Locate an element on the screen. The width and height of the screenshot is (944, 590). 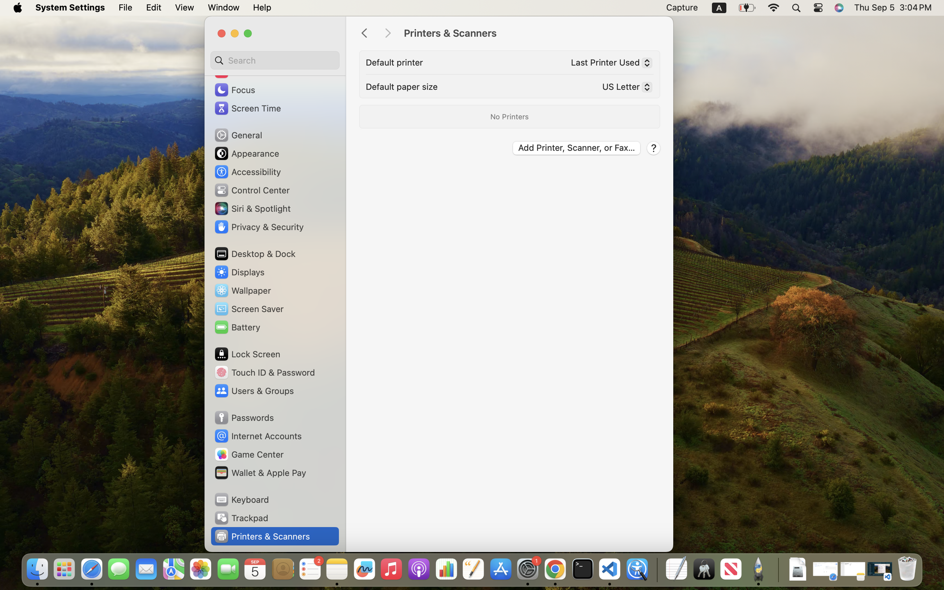
'Privacy & Security' is located at coordinates (258, 226).